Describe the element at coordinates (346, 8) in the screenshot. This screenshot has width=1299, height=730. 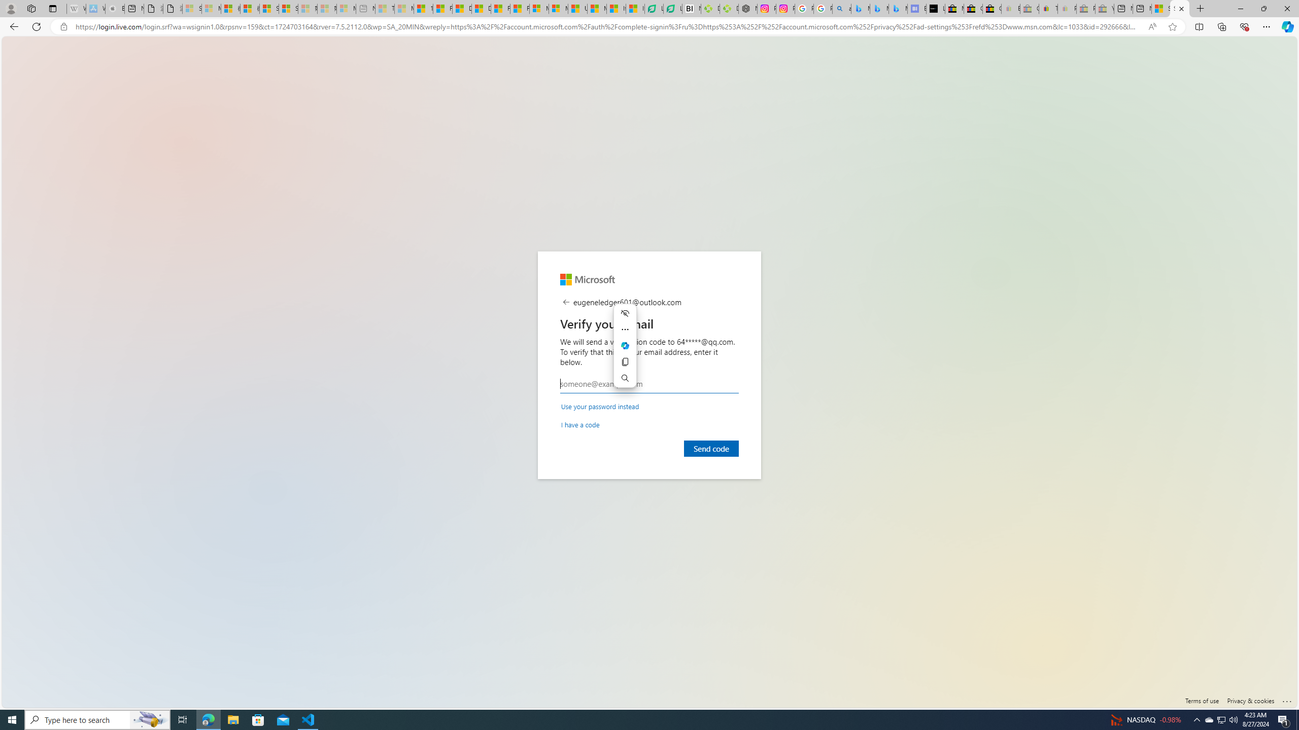
I see `'Microsoft account | Account Checkup - Sleeping'` at that location.